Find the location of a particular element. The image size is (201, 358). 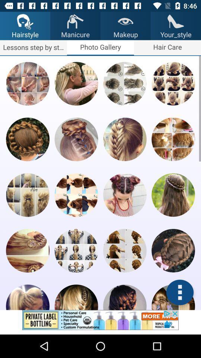

hairstyle is located at coordinates (125, 297).